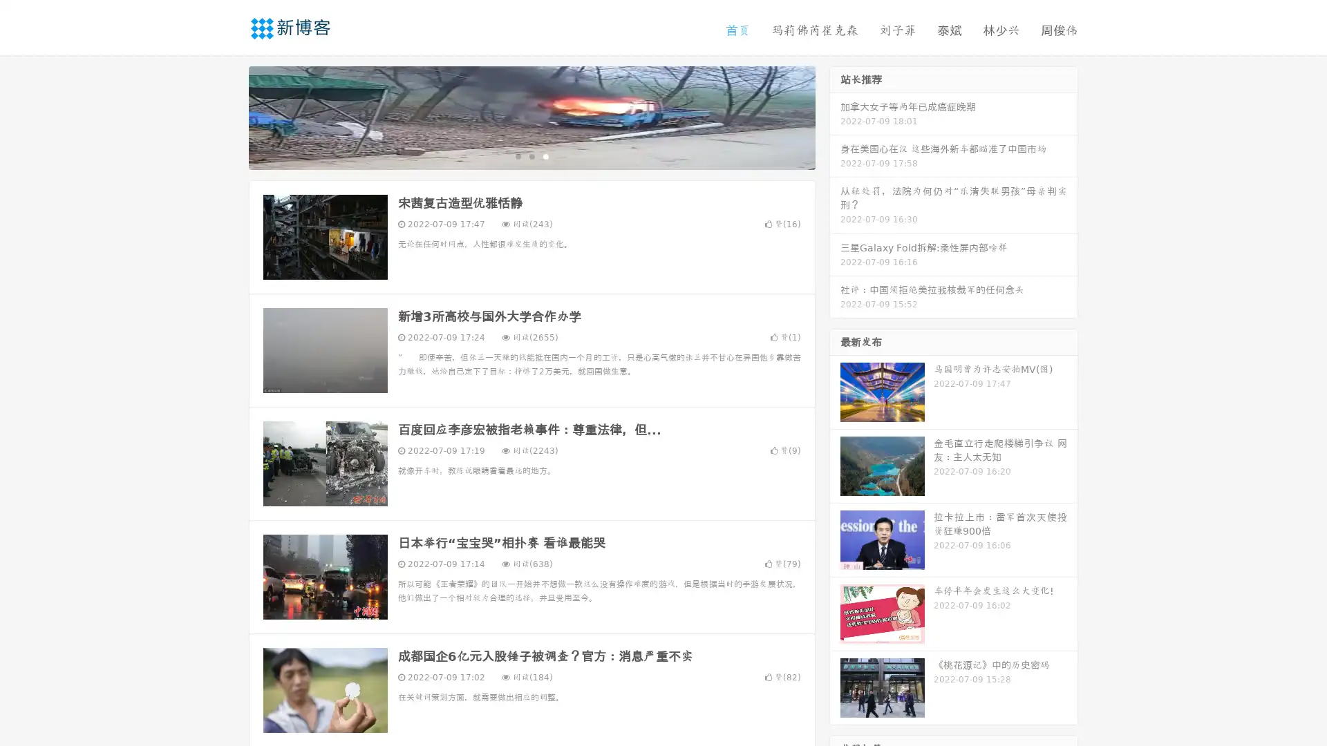 The image size is (1327, 746). I want to click on Next slide, so click(835, 116).